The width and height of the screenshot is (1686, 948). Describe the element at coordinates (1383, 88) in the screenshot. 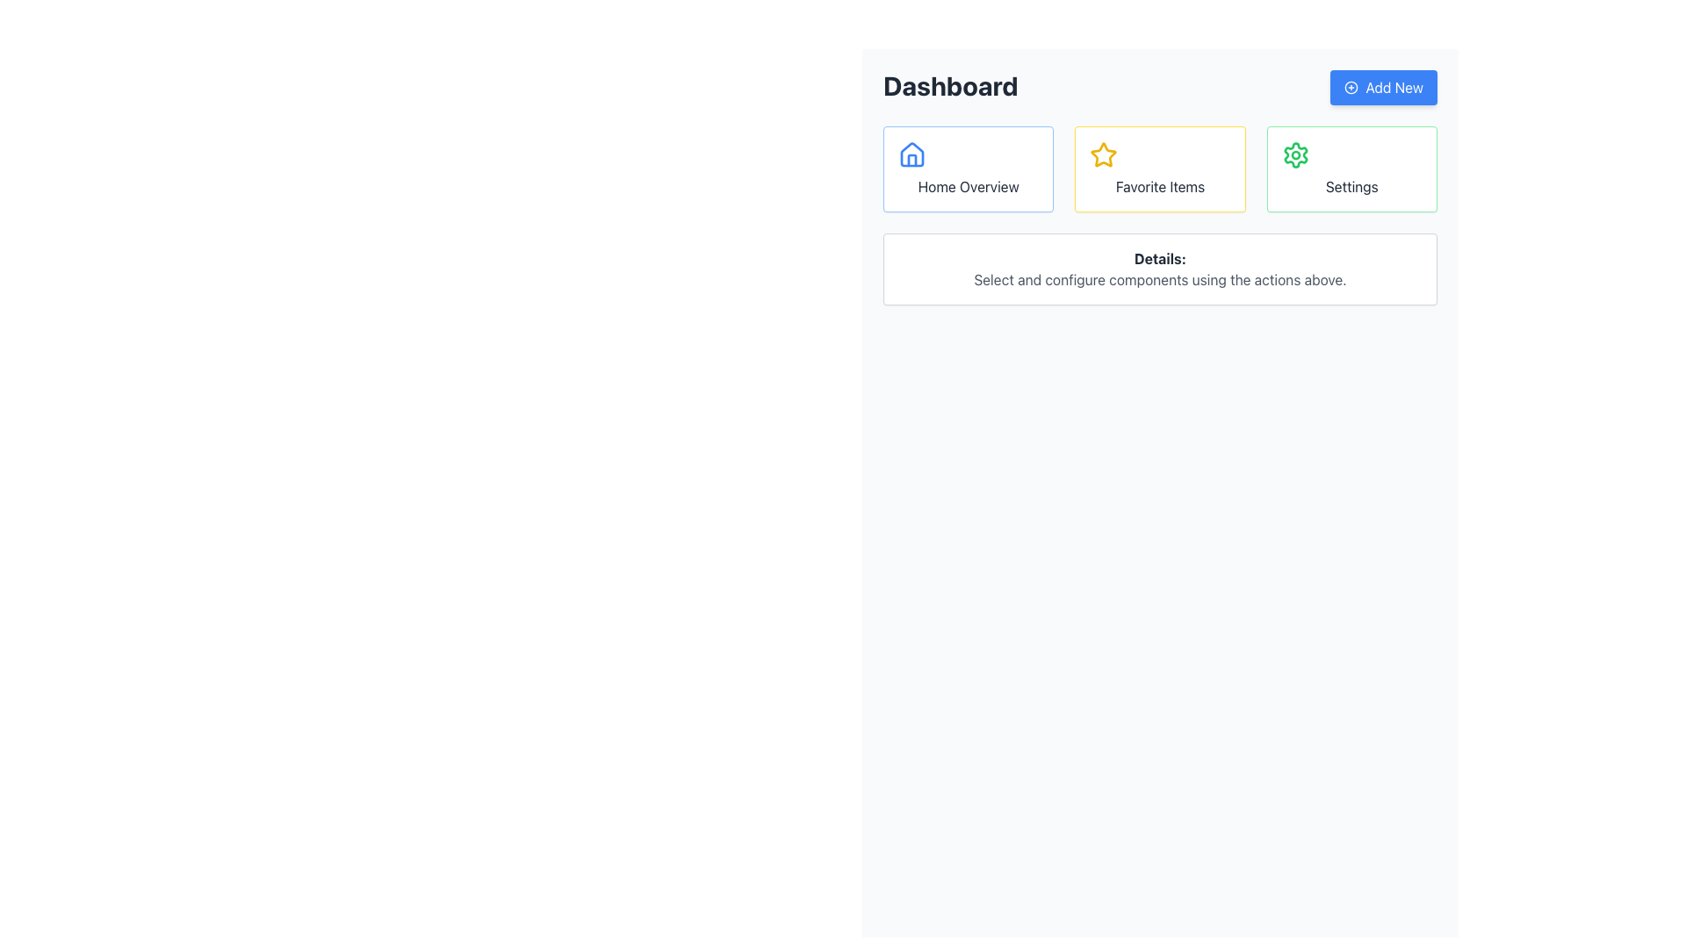

I see `the rectangular button with a blue background and white text that reads 'Add New', located in the top right corner of the 'Dashboard' section` at that location.